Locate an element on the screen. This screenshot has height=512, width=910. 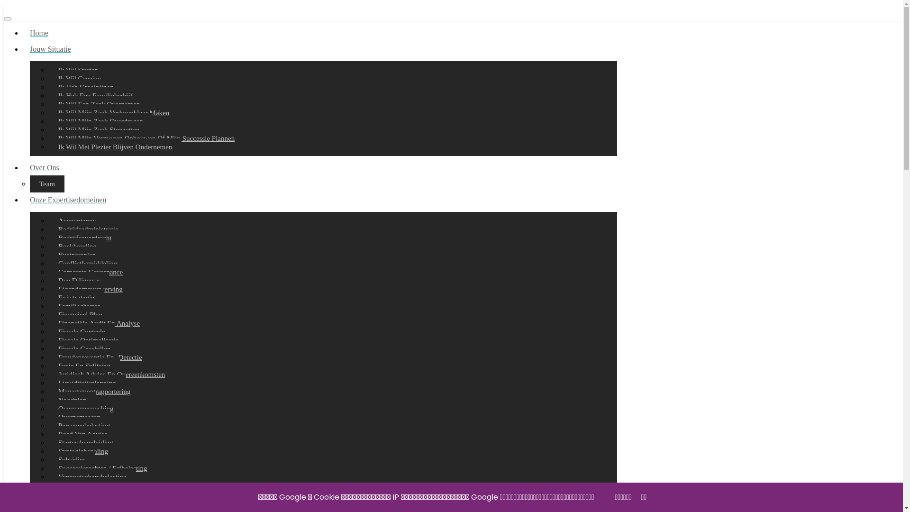
'Ik Wil Groeien' is located at coordinates (48, 78).